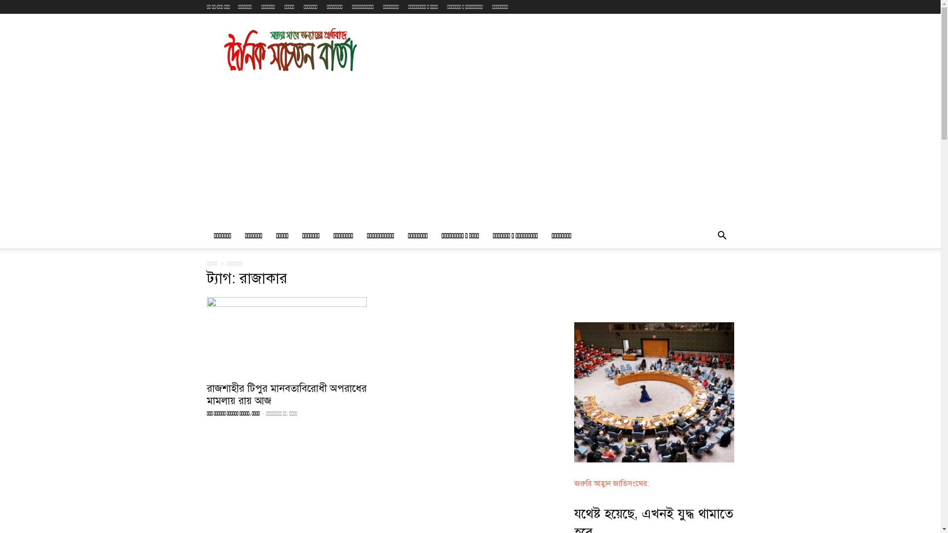 The width and height of the screenshot is (948, 533). Describe the element at coordinates (469, 150) in the screenshot. I see `'Advertisement'` at that location.